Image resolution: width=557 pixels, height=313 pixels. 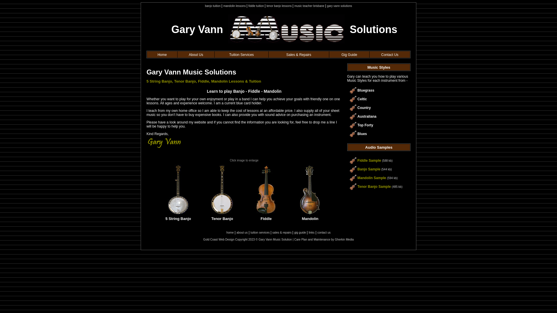 I want to click on 'tuition services', so click(x=260, y=232).